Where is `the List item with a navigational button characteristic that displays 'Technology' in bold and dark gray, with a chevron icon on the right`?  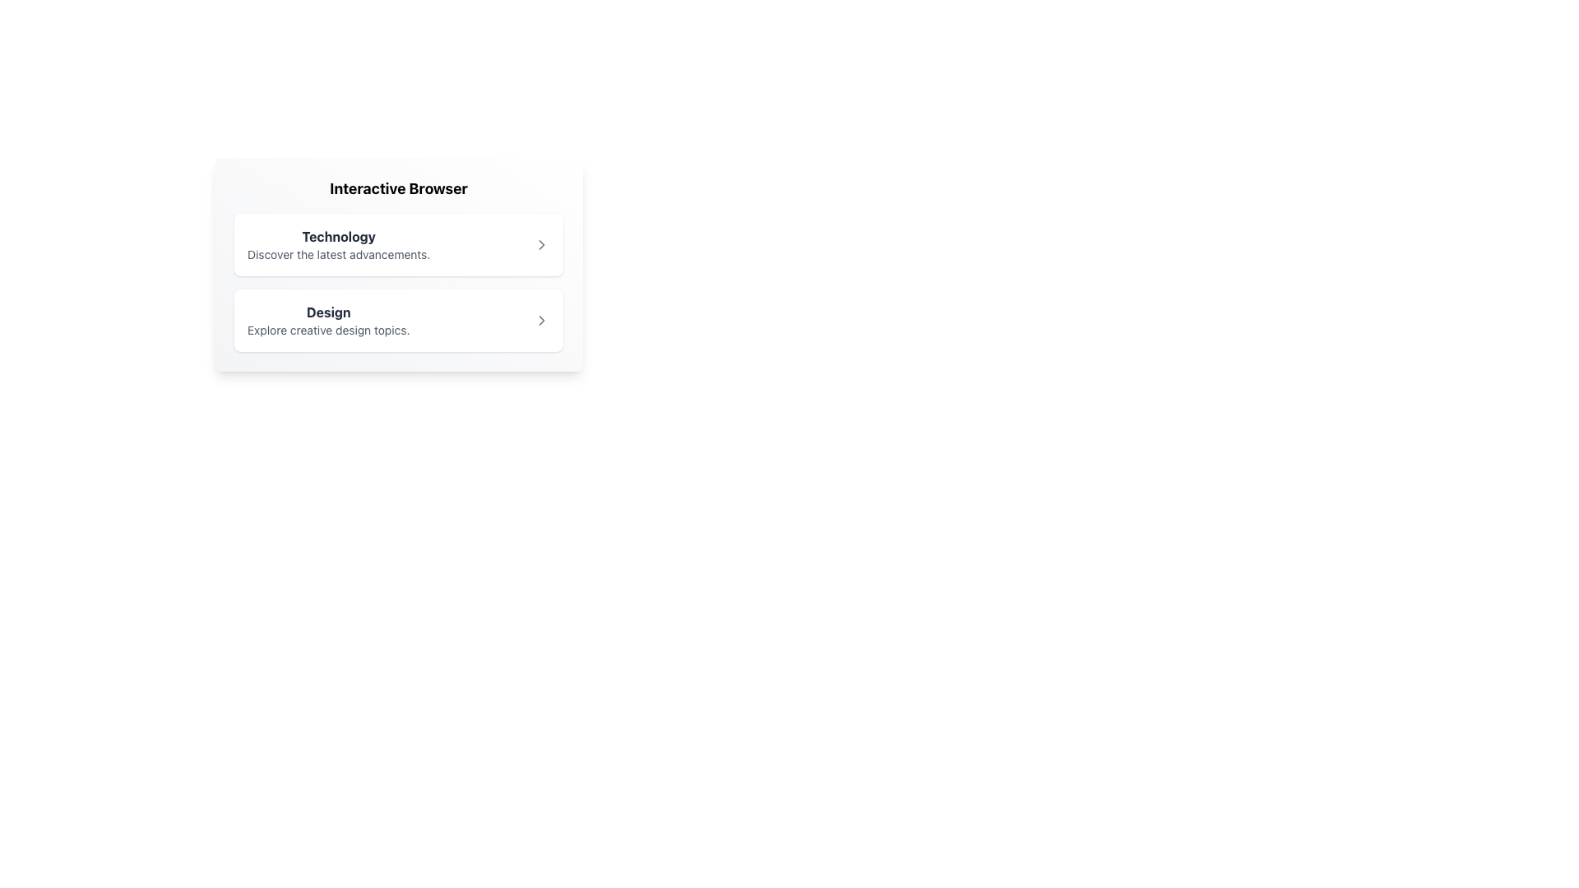
the List item with a navigational button characteristic that displays 'Technology' in bold and dark gray, with a chevron icon on the right is located at coordinates (398, 244).